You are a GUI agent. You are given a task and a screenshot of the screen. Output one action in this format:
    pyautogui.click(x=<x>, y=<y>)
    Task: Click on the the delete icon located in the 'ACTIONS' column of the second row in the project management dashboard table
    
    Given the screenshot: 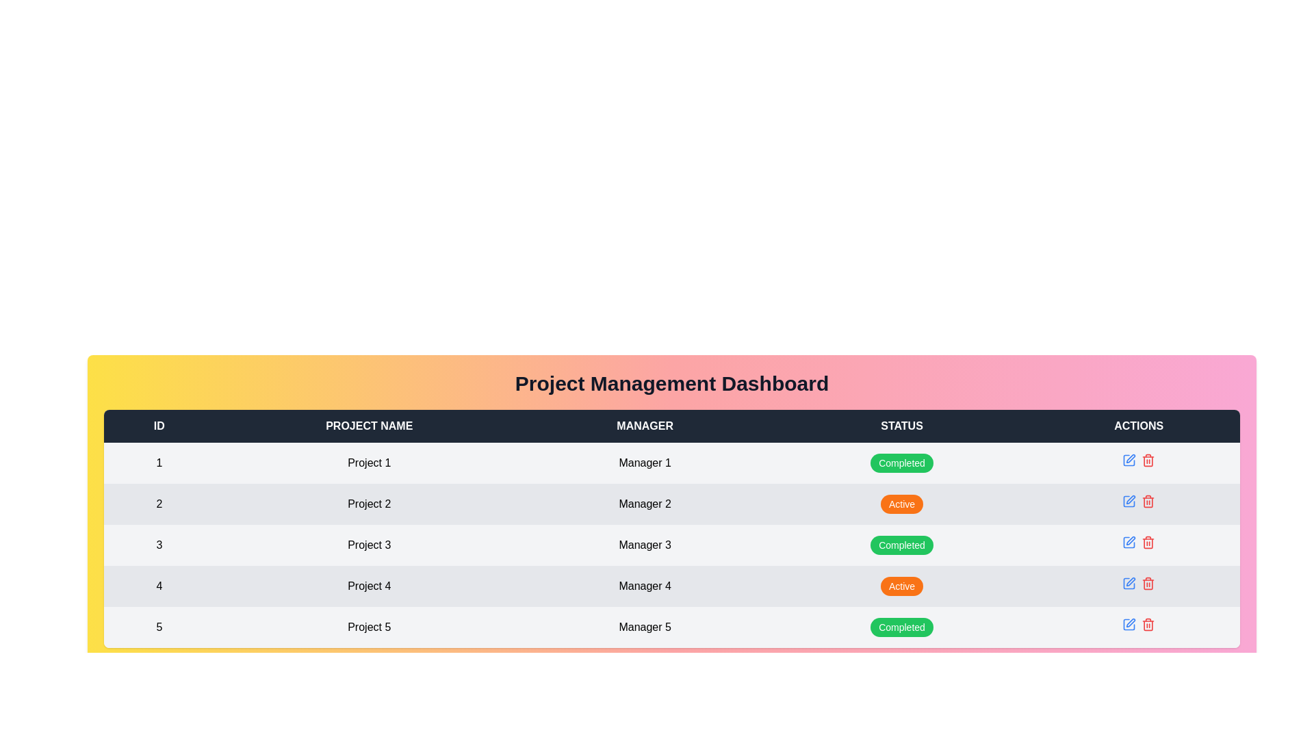 What is the action you would take?
    pyautogui.click(x=1148, y=501)
    